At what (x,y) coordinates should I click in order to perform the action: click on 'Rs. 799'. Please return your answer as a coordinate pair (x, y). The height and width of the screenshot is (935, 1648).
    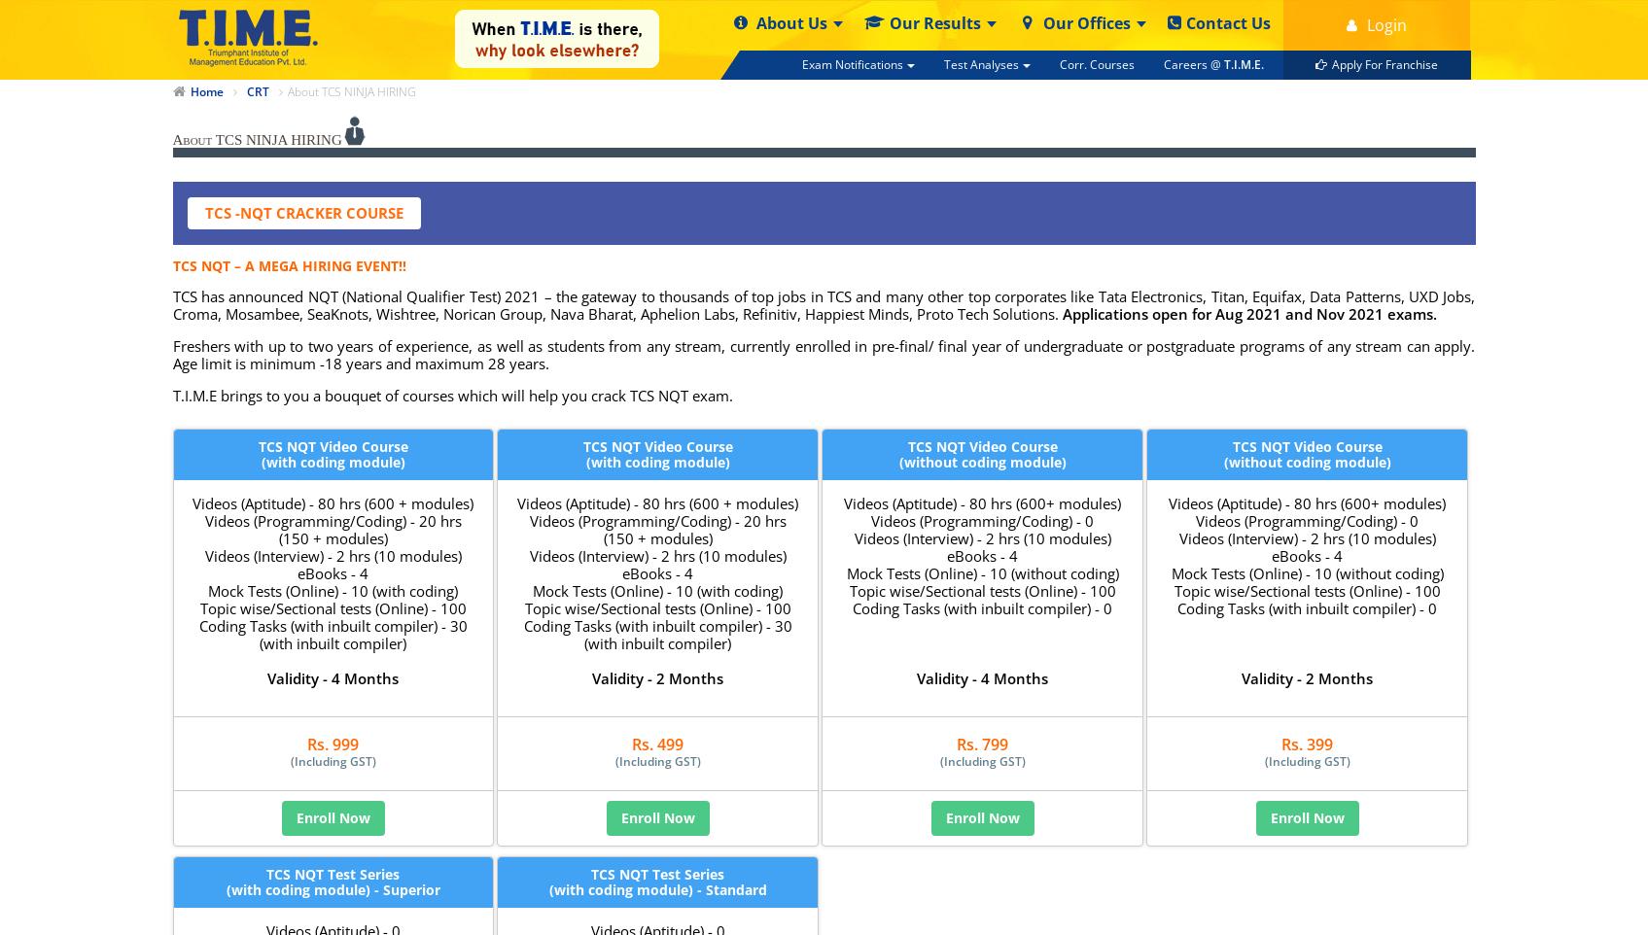
    Looking at the image, I should click on (955, 745).